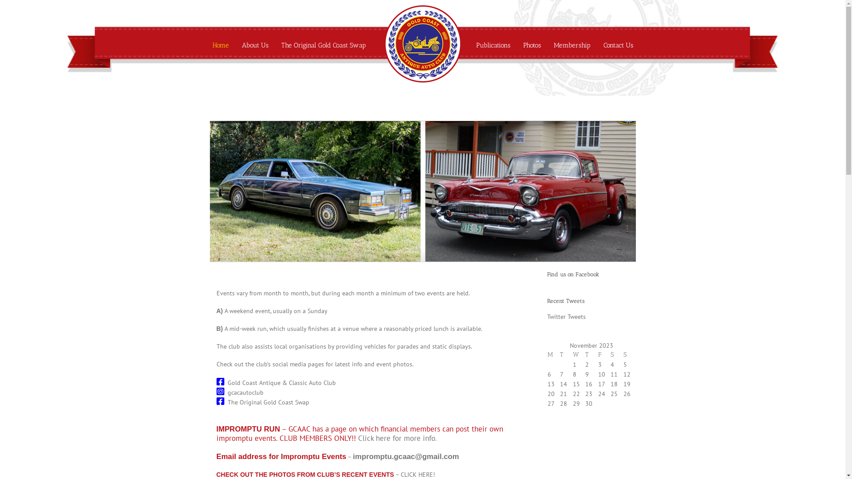  What do you see at coordinates (532, 45) in the screenshot?
I see `'Photos'` at bounding box center [532, 45].